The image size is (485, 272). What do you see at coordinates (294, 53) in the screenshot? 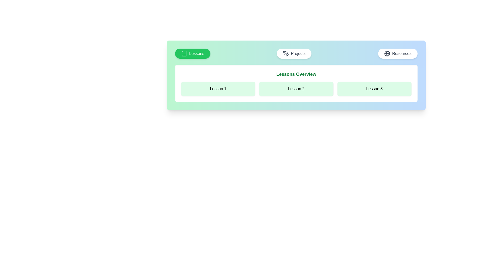
I see `the project navigation button located centrally in the header section of the interface` at bounding box center [294, 53].